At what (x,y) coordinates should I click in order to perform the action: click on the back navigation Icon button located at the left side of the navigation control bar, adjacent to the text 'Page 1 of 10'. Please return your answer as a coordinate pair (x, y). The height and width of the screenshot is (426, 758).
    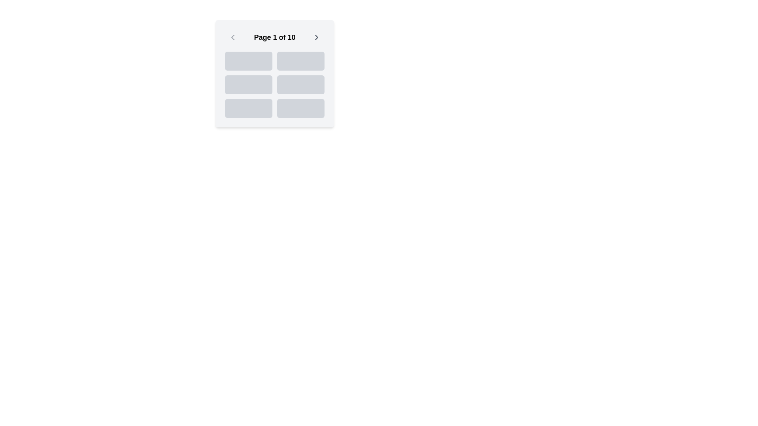
    Looking at the image, I should click on (233, 37).